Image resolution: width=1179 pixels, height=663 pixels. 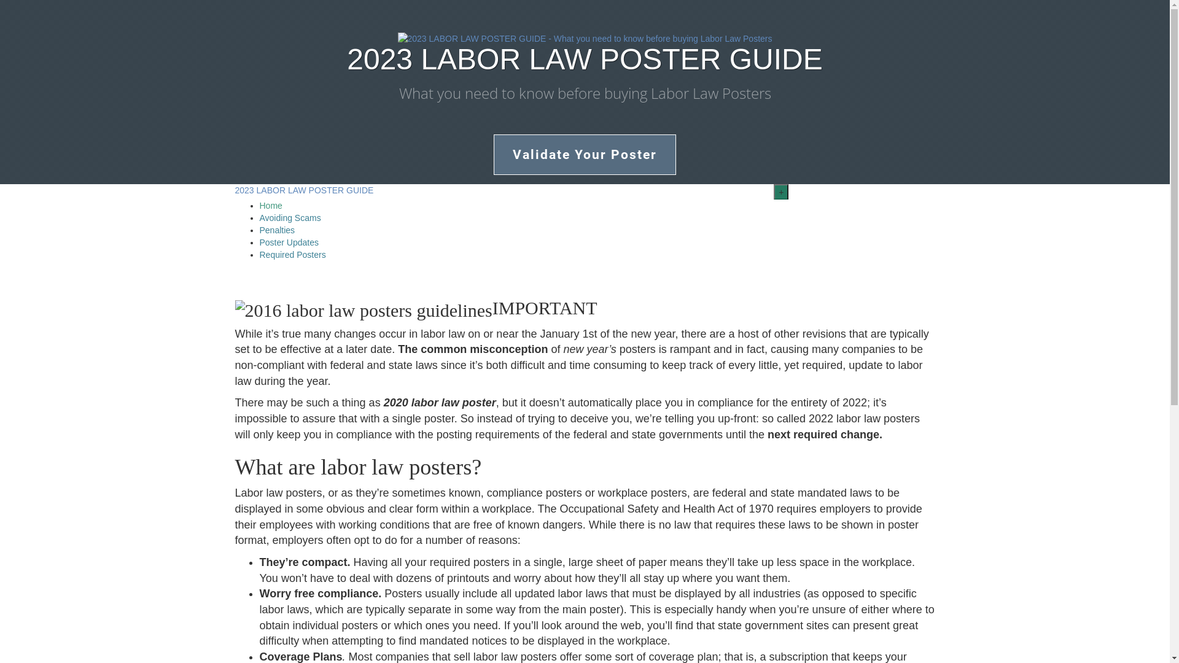 I want to click on '2023 LABOR LAW POSTER GUIDE', so click(x=583, y=59).